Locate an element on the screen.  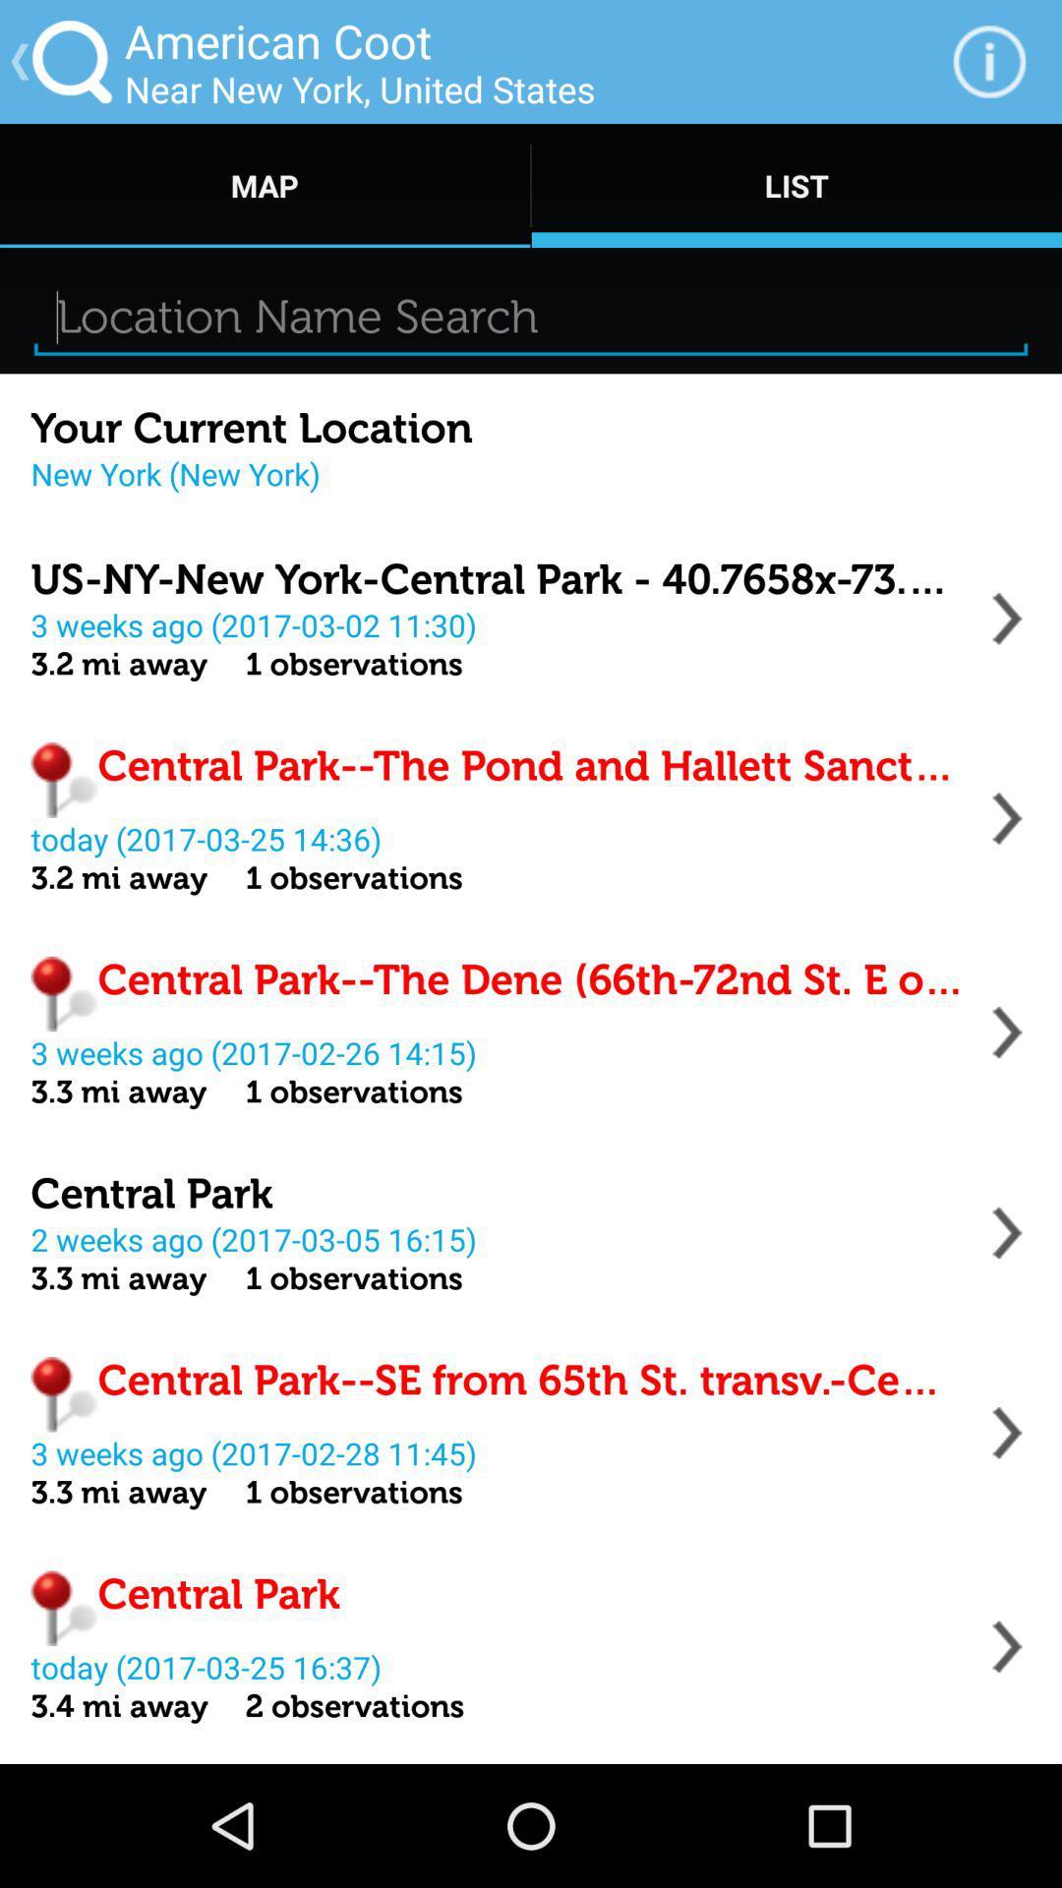
the your current location item is located at coordinates (251, 428).